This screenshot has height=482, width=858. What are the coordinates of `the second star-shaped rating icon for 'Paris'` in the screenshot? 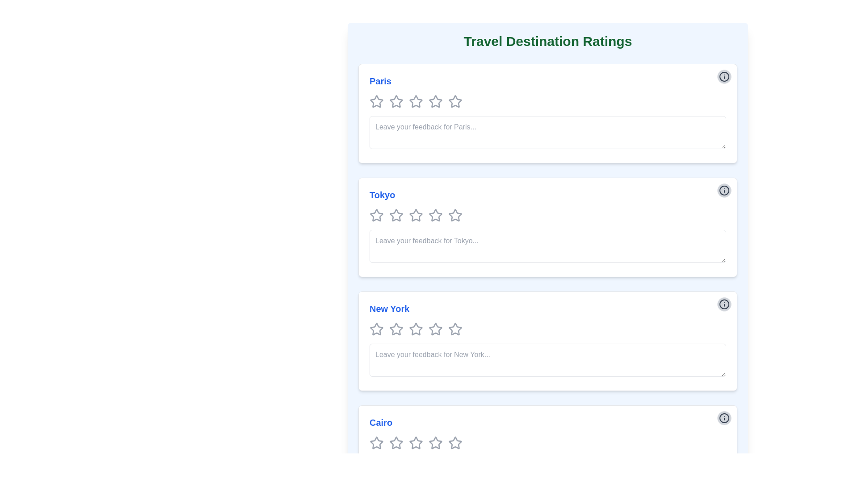 It's located at (455, 101).